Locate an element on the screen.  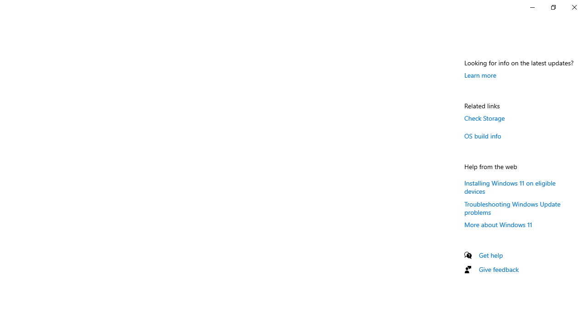
'Get help' is located at coordinates (490, 255).